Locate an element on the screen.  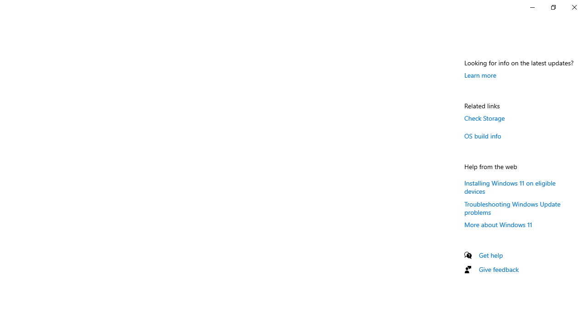
'Get help' is located at coordinates (490, 255).